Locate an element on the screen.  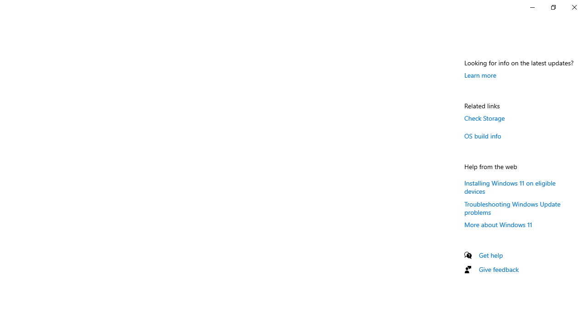
'Get help' is located at coordinates (490, 255).